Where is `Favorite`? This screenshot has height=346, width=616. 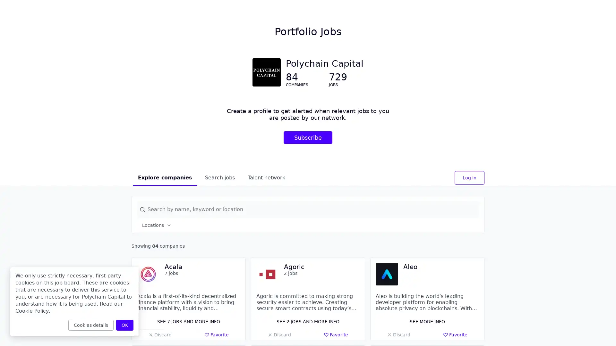
Favorite is located at coordinates (217, 334).